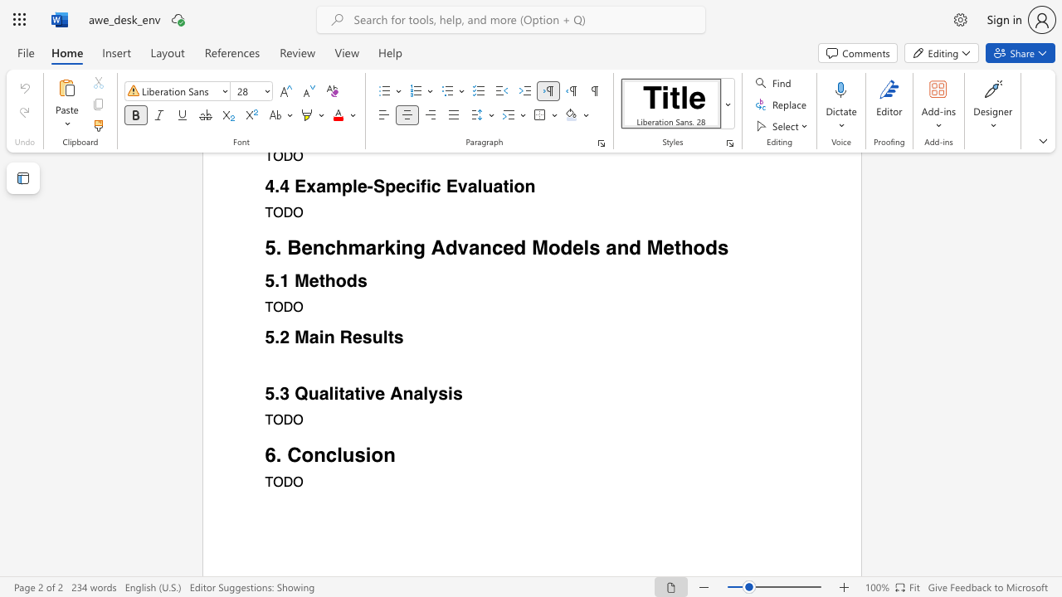 This screenshot has width=1062, height=597. Describe the element at coordinates (264, 394) in the screenshot. I see `the subset text "5.3 Qualitative" within the text "5.3 Qualitative Analysis"` at that location.